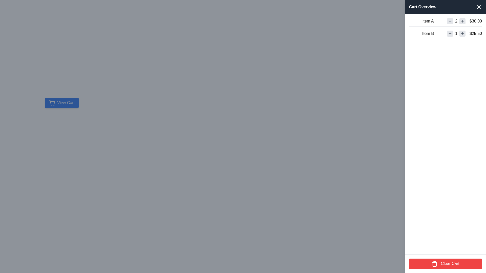  What do you see at coordinates (445, 22) in the screenshot?
I see `the minus button of the first product entry in the shopping cart to decrease the quantity` at bounding box center [445, 22].